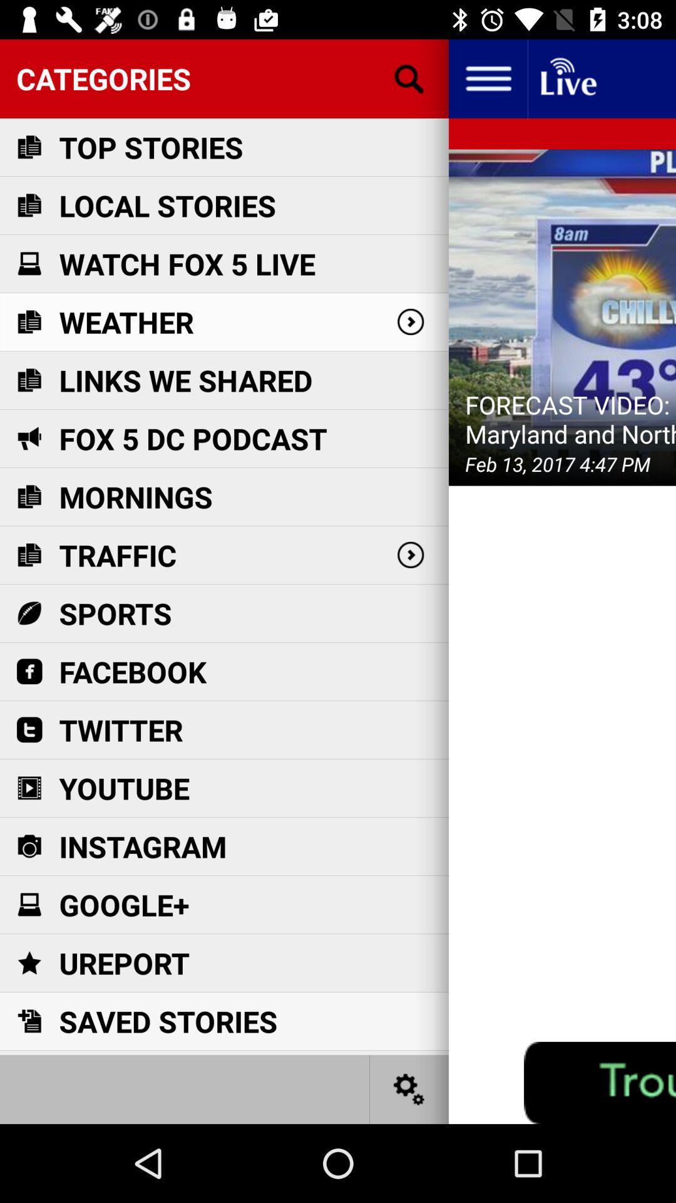 The image size is (676, 1203). I want to click on the menu icon, so click(487, 78).